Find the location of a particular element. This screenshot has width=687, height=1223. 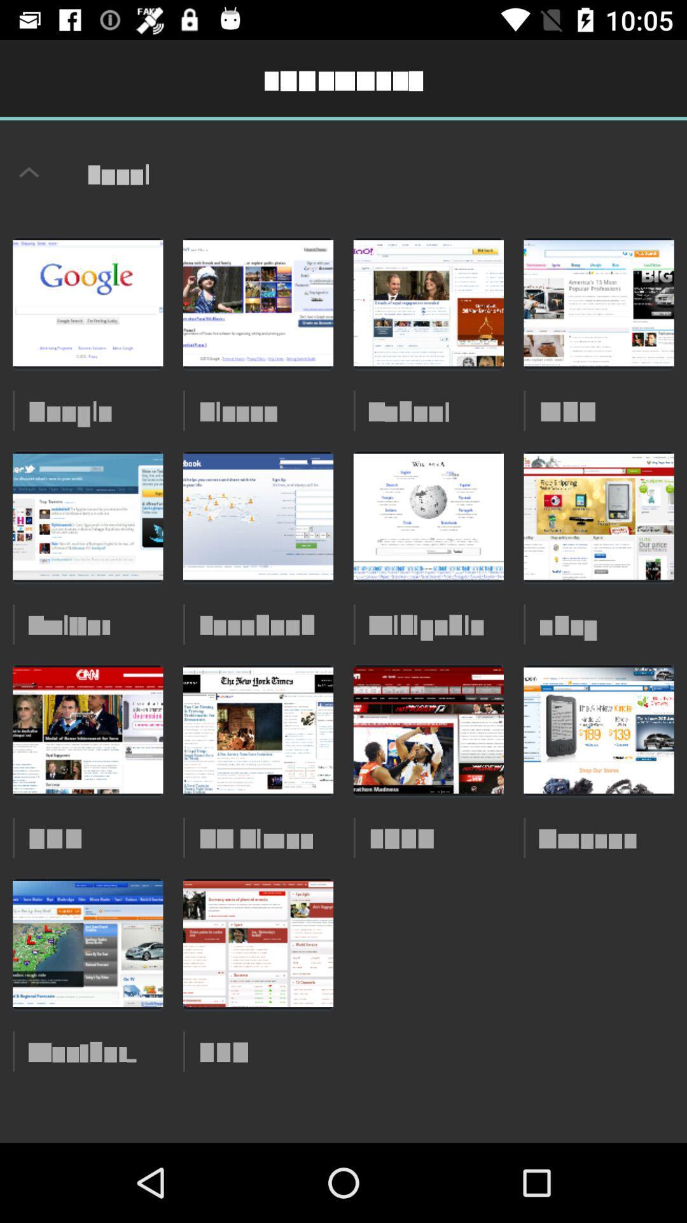

the fourth image of the page is located at coordinates (599, 303).